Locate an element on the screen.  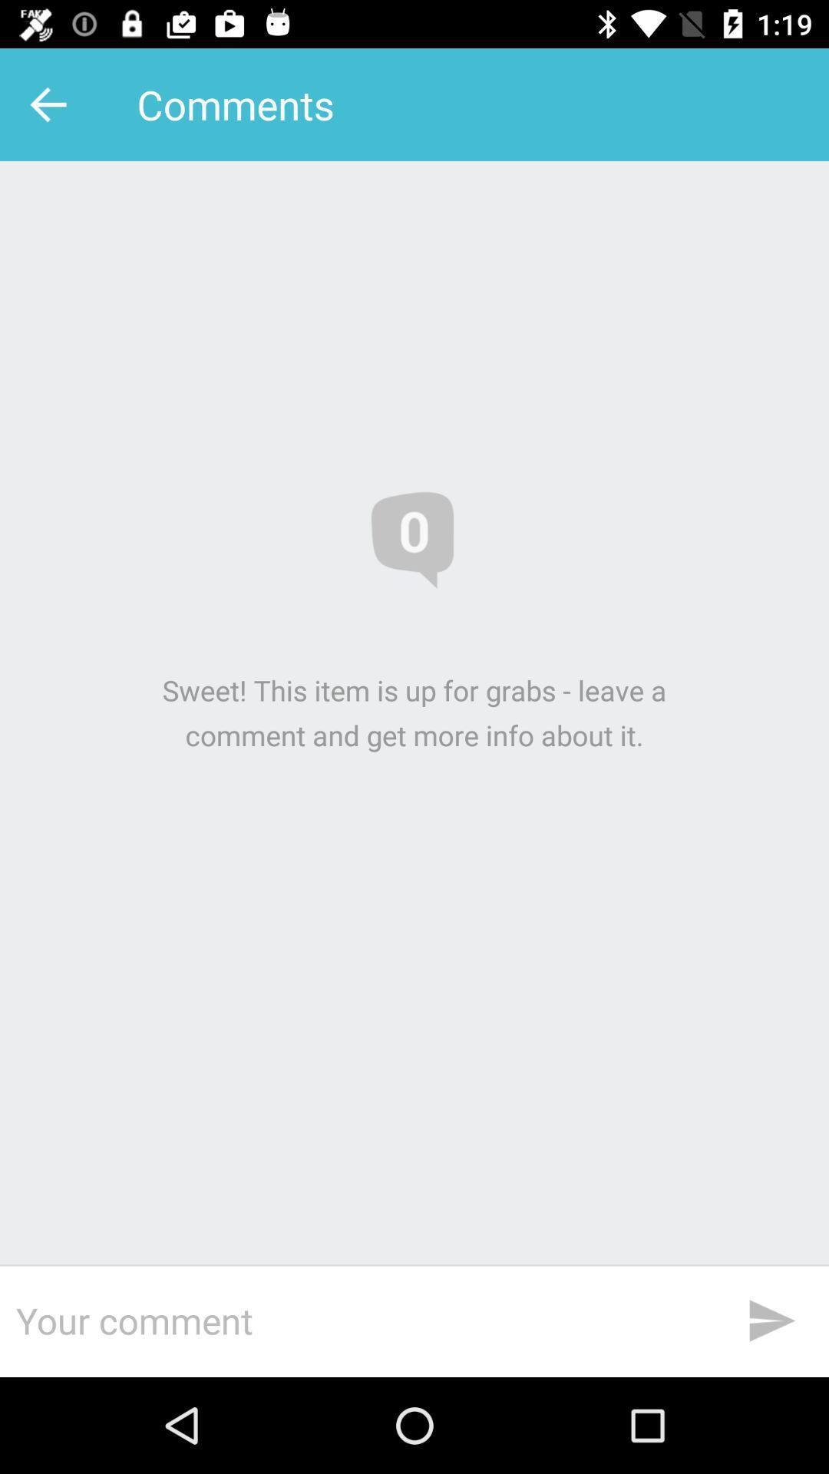
item next to the comments is located at coordinates (51, 104).